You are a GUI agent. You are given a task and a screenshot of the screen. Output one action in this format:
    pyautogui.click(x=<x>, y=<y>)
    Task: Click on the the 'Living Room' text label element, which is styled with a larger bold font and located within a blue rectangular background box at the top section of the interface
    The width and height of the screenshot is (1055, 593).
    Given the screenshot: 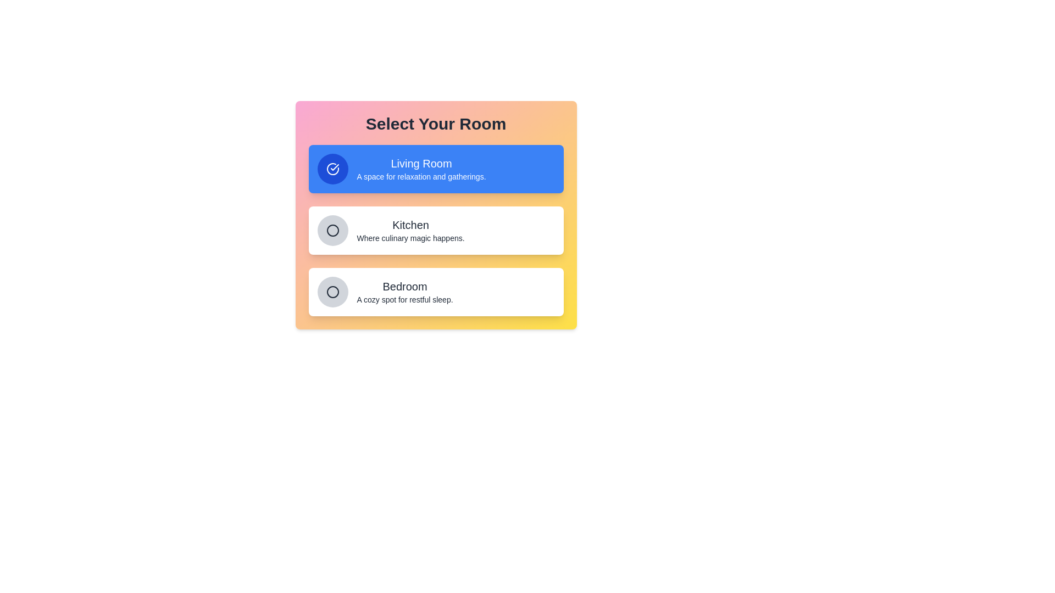 What is the action you would take?
    pyautogui.click(x=421, y=163)
    